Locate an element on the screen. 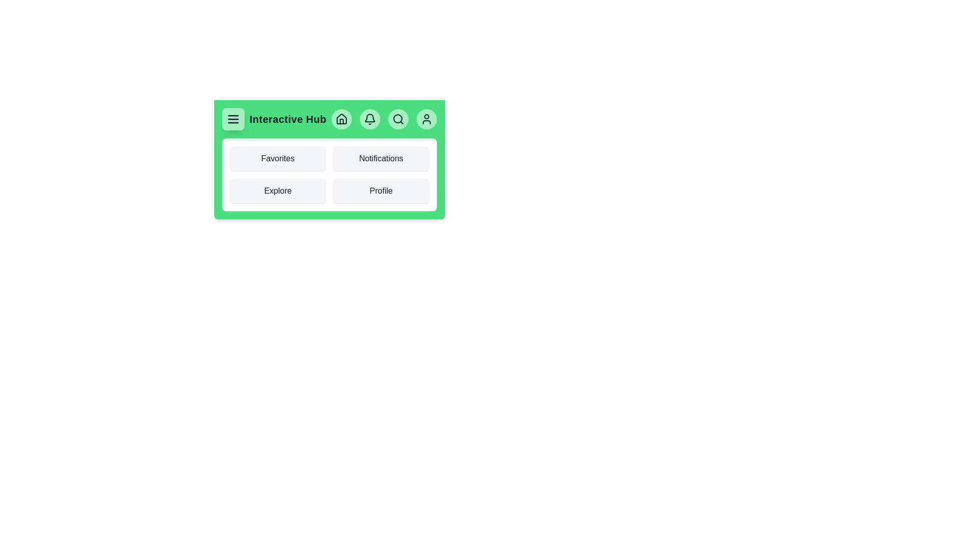 This screenshot has width=972, height=546. the Profile navigation button is located at coordinates (381, 191).